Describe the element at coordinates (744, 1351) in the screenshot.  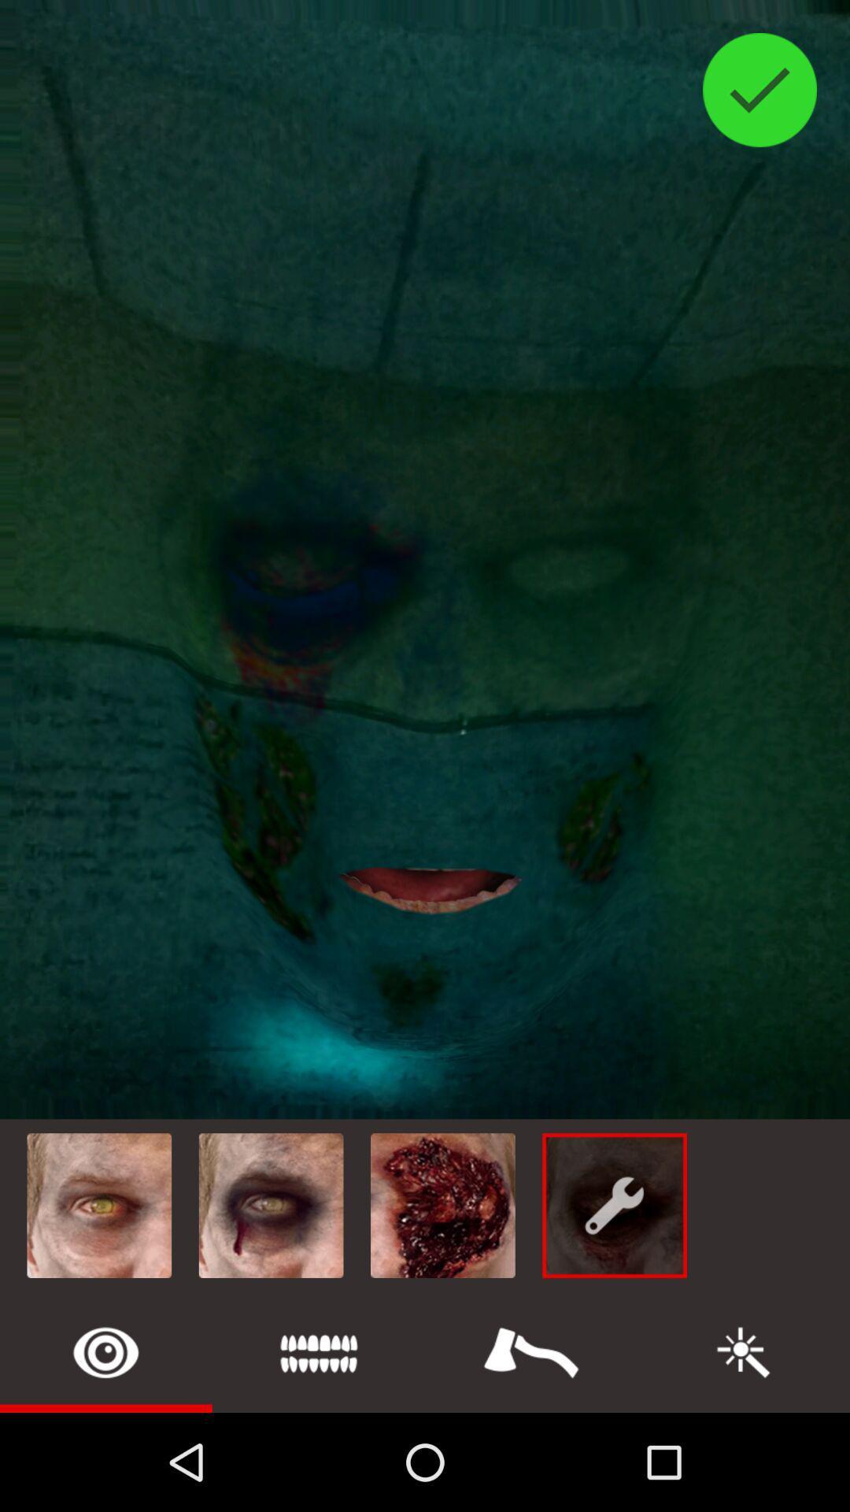
I see `edit tool` at that location.